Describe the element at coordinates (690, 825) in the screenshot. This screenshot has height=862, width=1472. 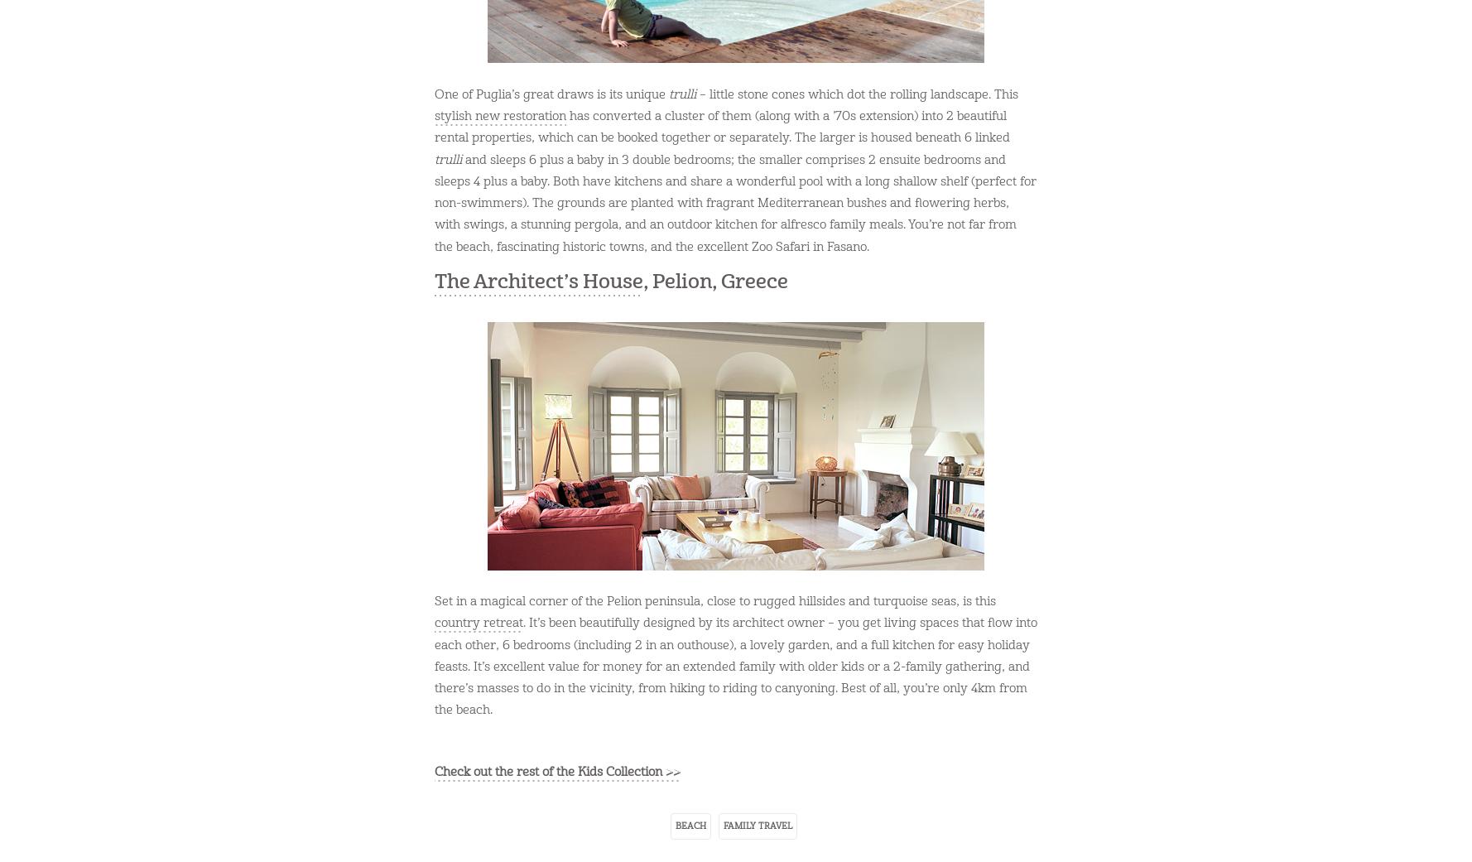
I see `'beach'` at that location.